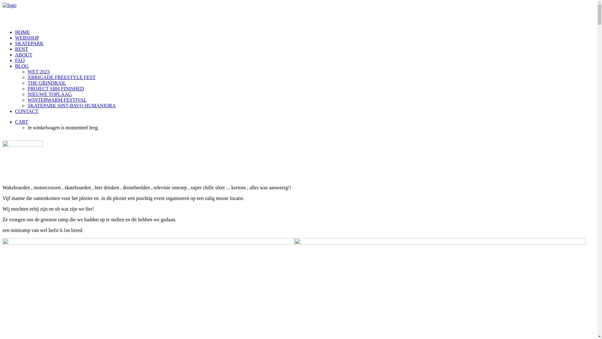  Describe the element at coordinates (311, 89) in the screenshot. I see `'PROJECT SBH FINISHED'` at that location.